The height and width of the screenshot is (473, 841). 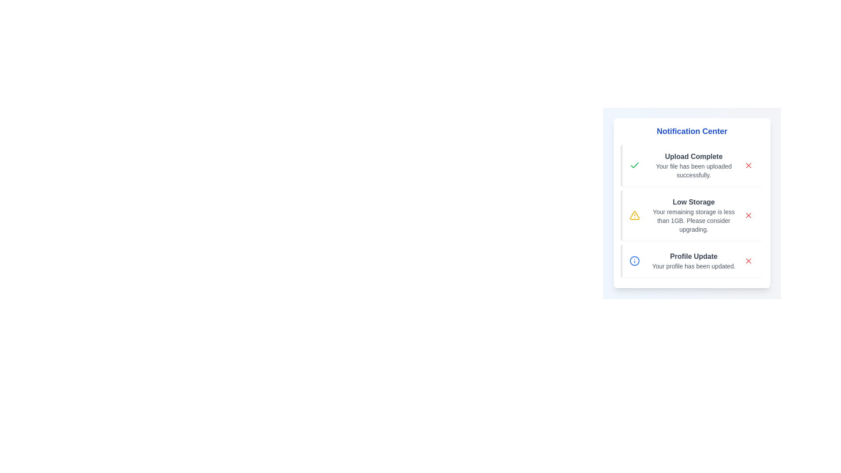 I want to click on the 'Upload Complete' text label, which is styled with gray color and positioned at the top of a notification card indicating the file upload status, so click(x=693, y=156).